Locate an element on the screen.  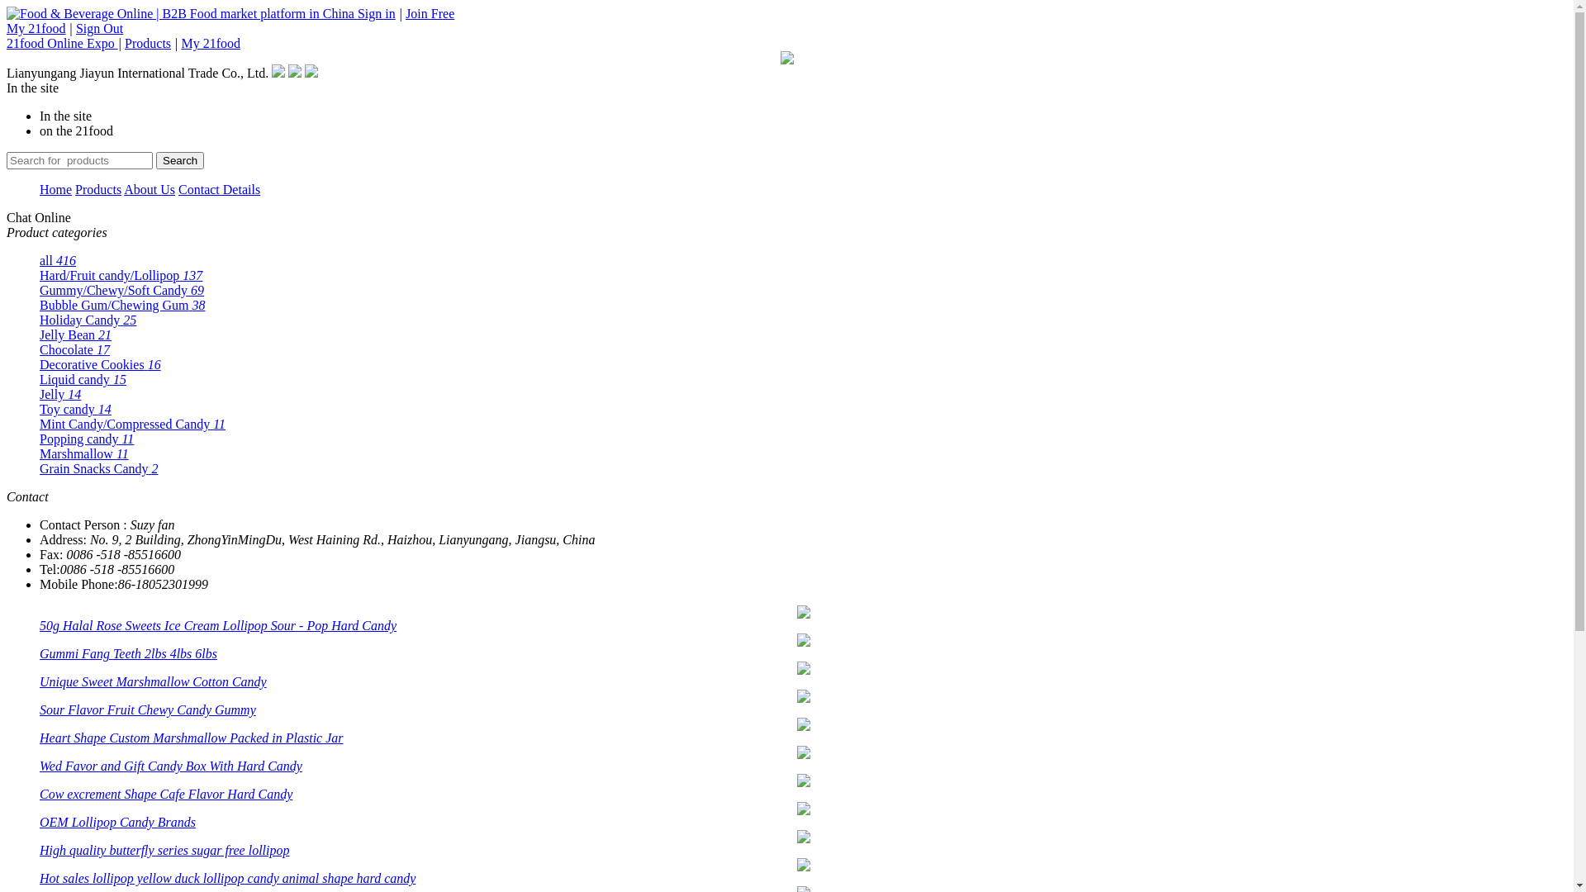
'Marshmallow 11' is located at coordinates (40, 453).